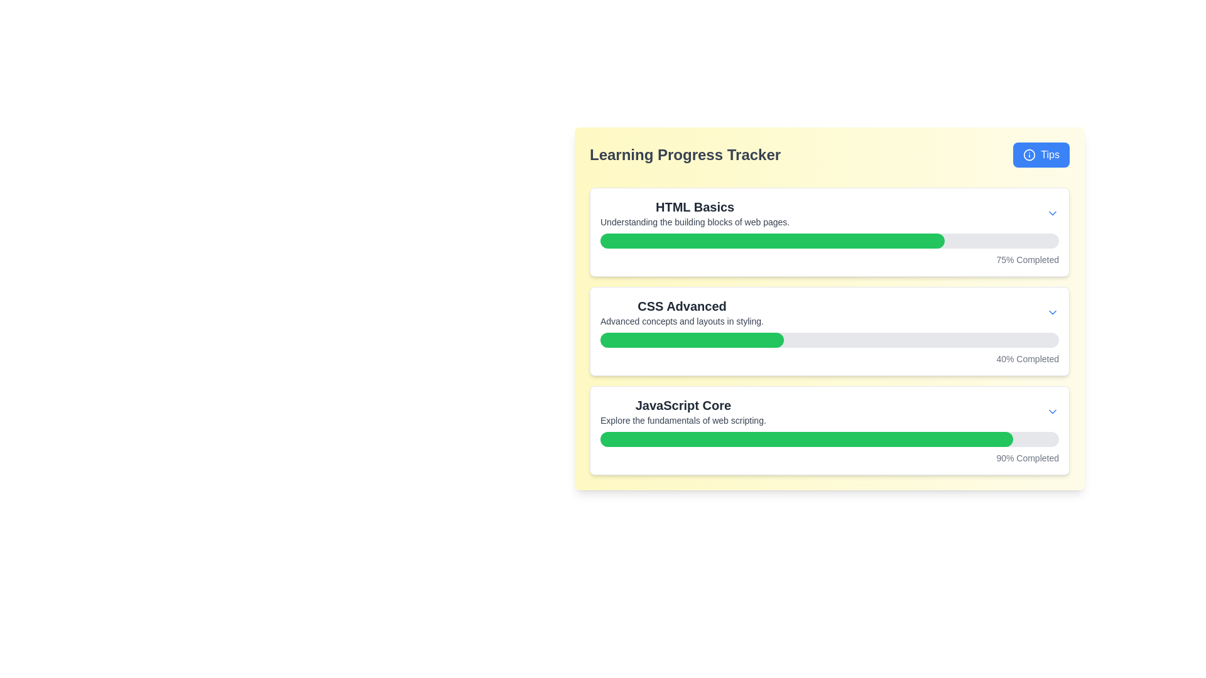 The image size is (1206, 678). I want to click on the bold text label reading 'CSS Advanced' that is centrally positioned in the second box of the progress tracker list, so click(681, 306).